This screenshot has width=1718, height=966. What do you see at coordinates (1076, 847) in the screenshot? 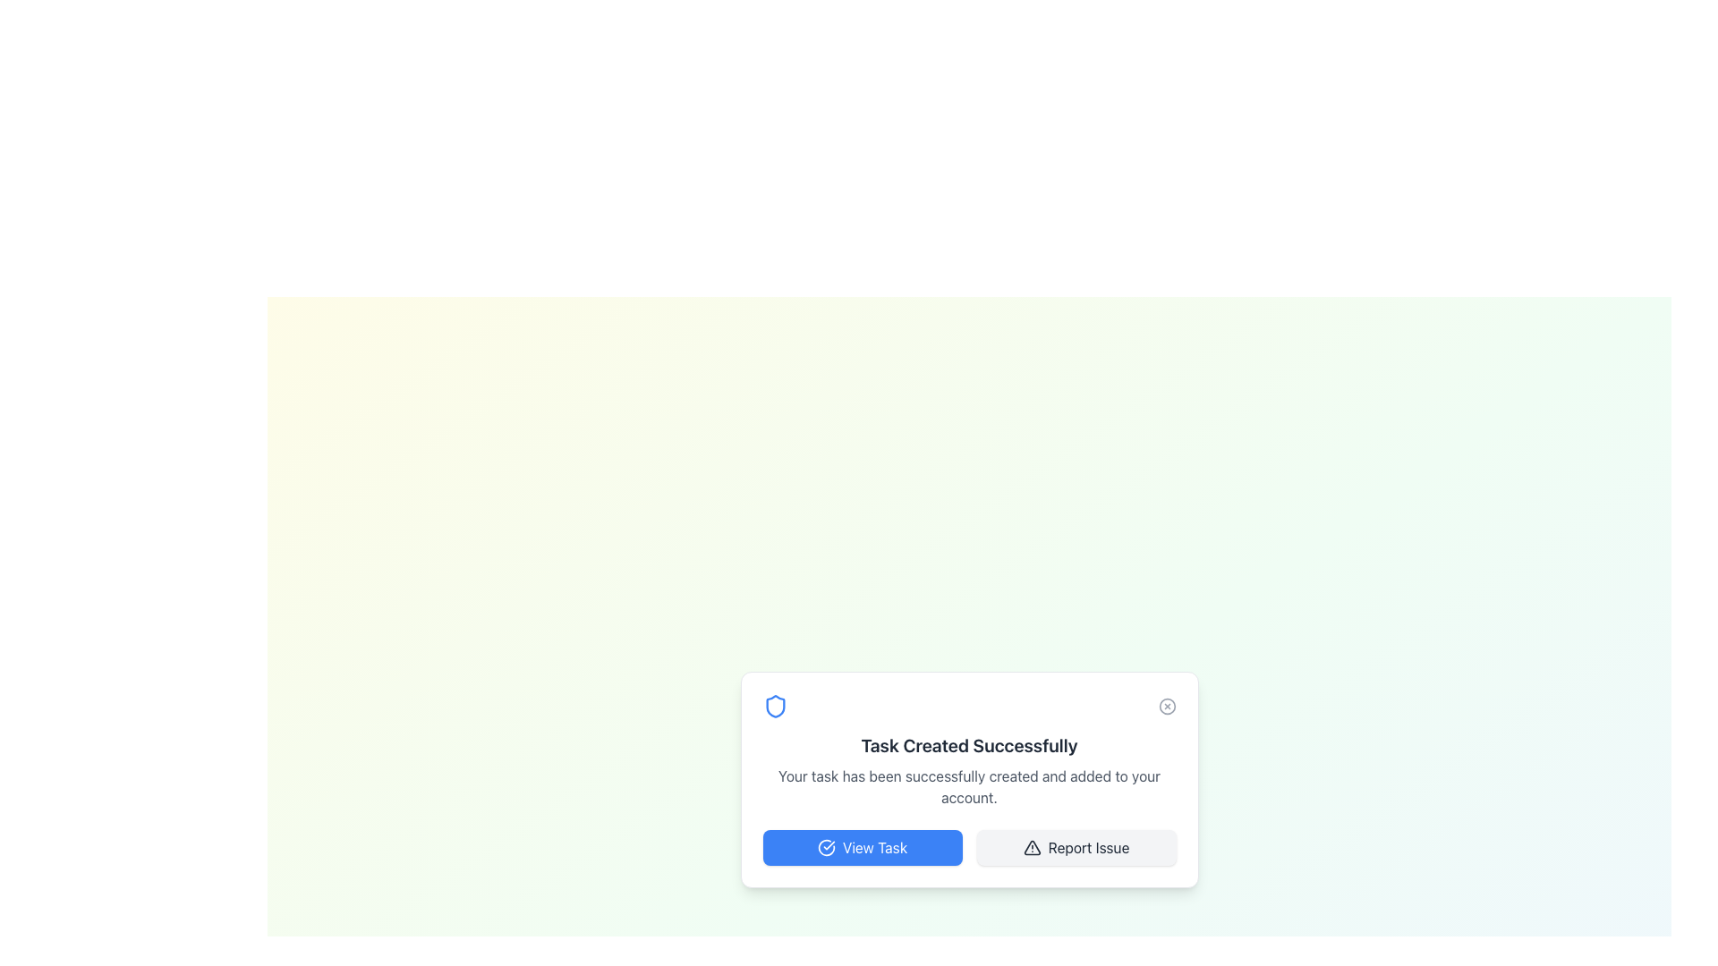
I see `the 'Report Issue' button located to the right of the 'View Task' button` at bounding box center [1076, 847].